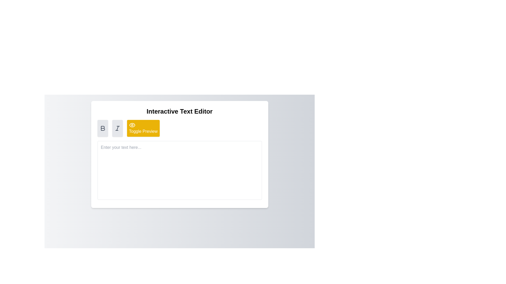  I want to click on the first button in the horizontal sequence below 'Interactive Text Editor' to apply bold formatting to the selected text, so click(103, 128).